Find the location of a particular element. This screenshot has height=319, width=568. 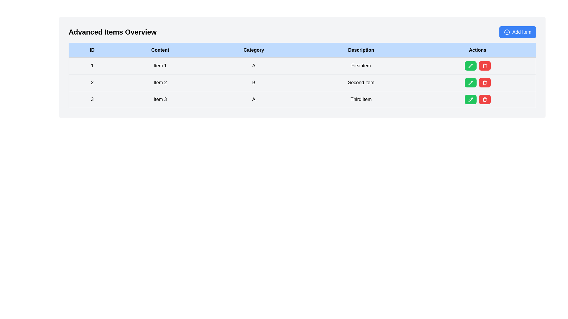

the 'Description' table header cell, which indicates the content type for the associated column values in the table is located at coordinates (361, 50).